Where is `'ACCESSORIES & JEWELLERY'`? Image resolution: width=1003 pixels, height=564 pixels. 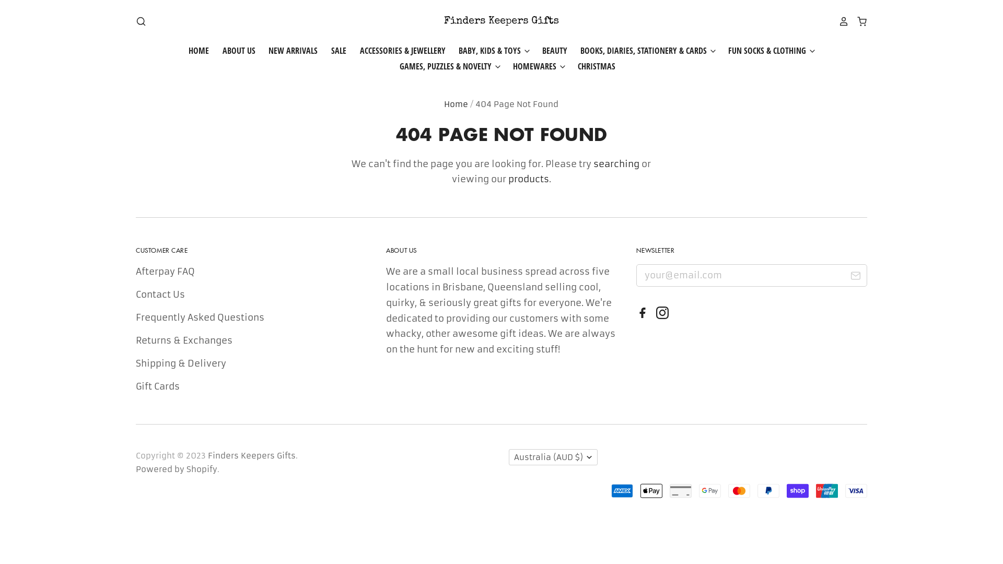
'ACCESSORIES & JEWELLERY' is located at coordinates (395, 50).